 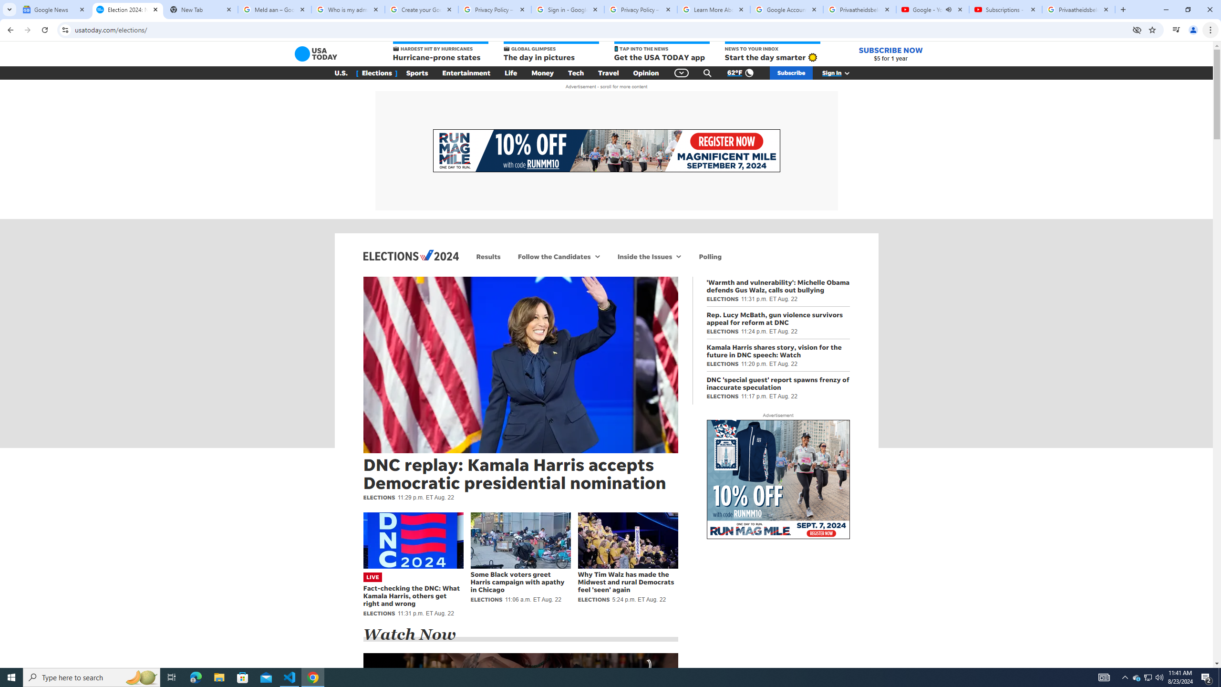 I want to click on 'More Inside the Issues navigation', so click(x=678, y=256).